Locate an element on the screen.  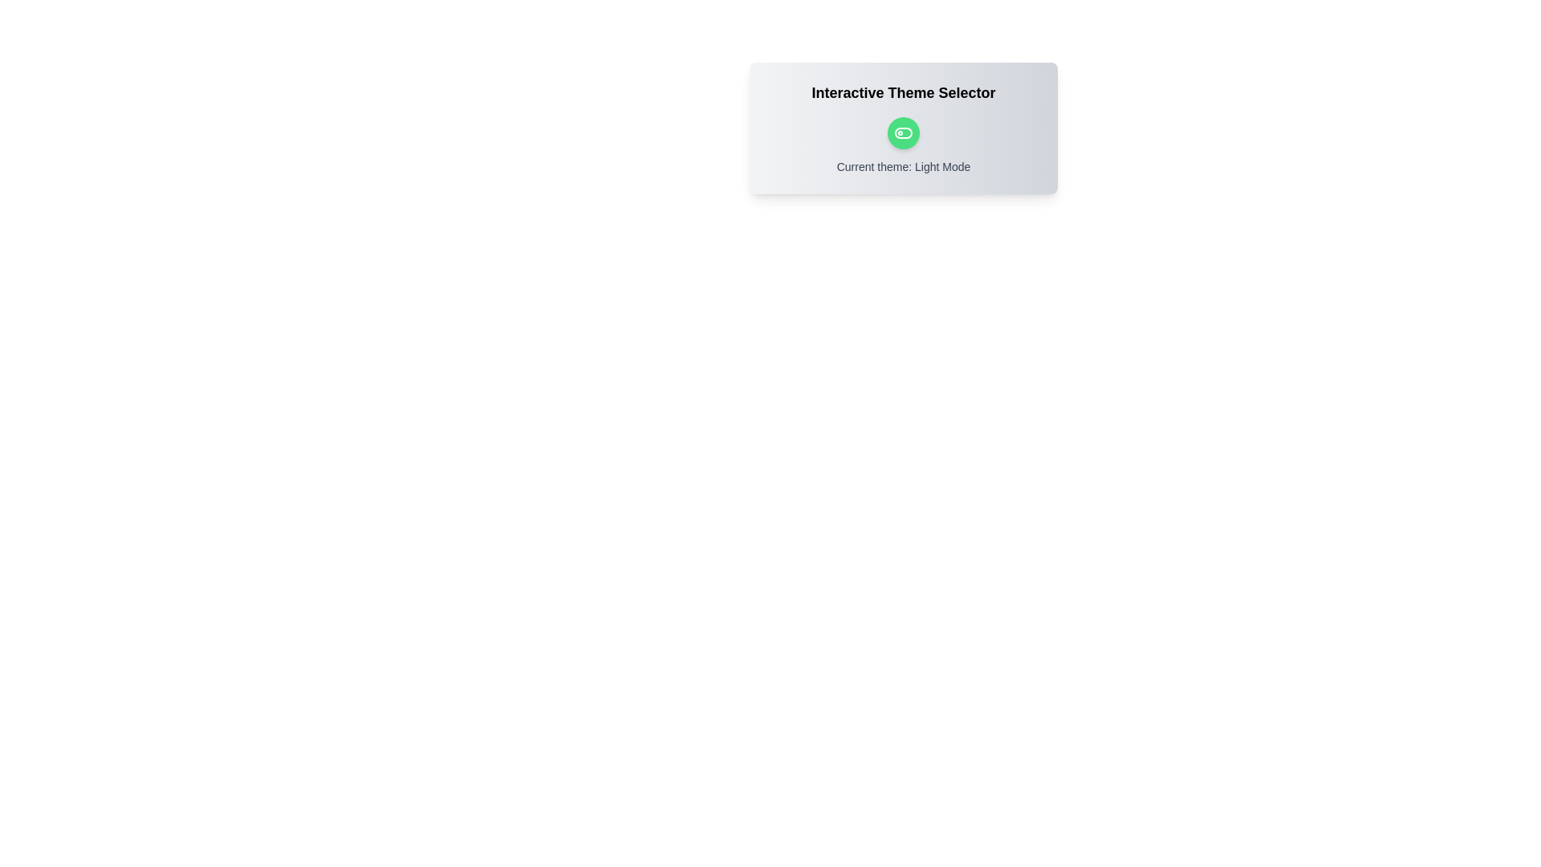
the toggle-like button with a green background, styled as a rounded circle, located below the heading 'Interactive Theme Selector' is located at coordinates (904, 132).